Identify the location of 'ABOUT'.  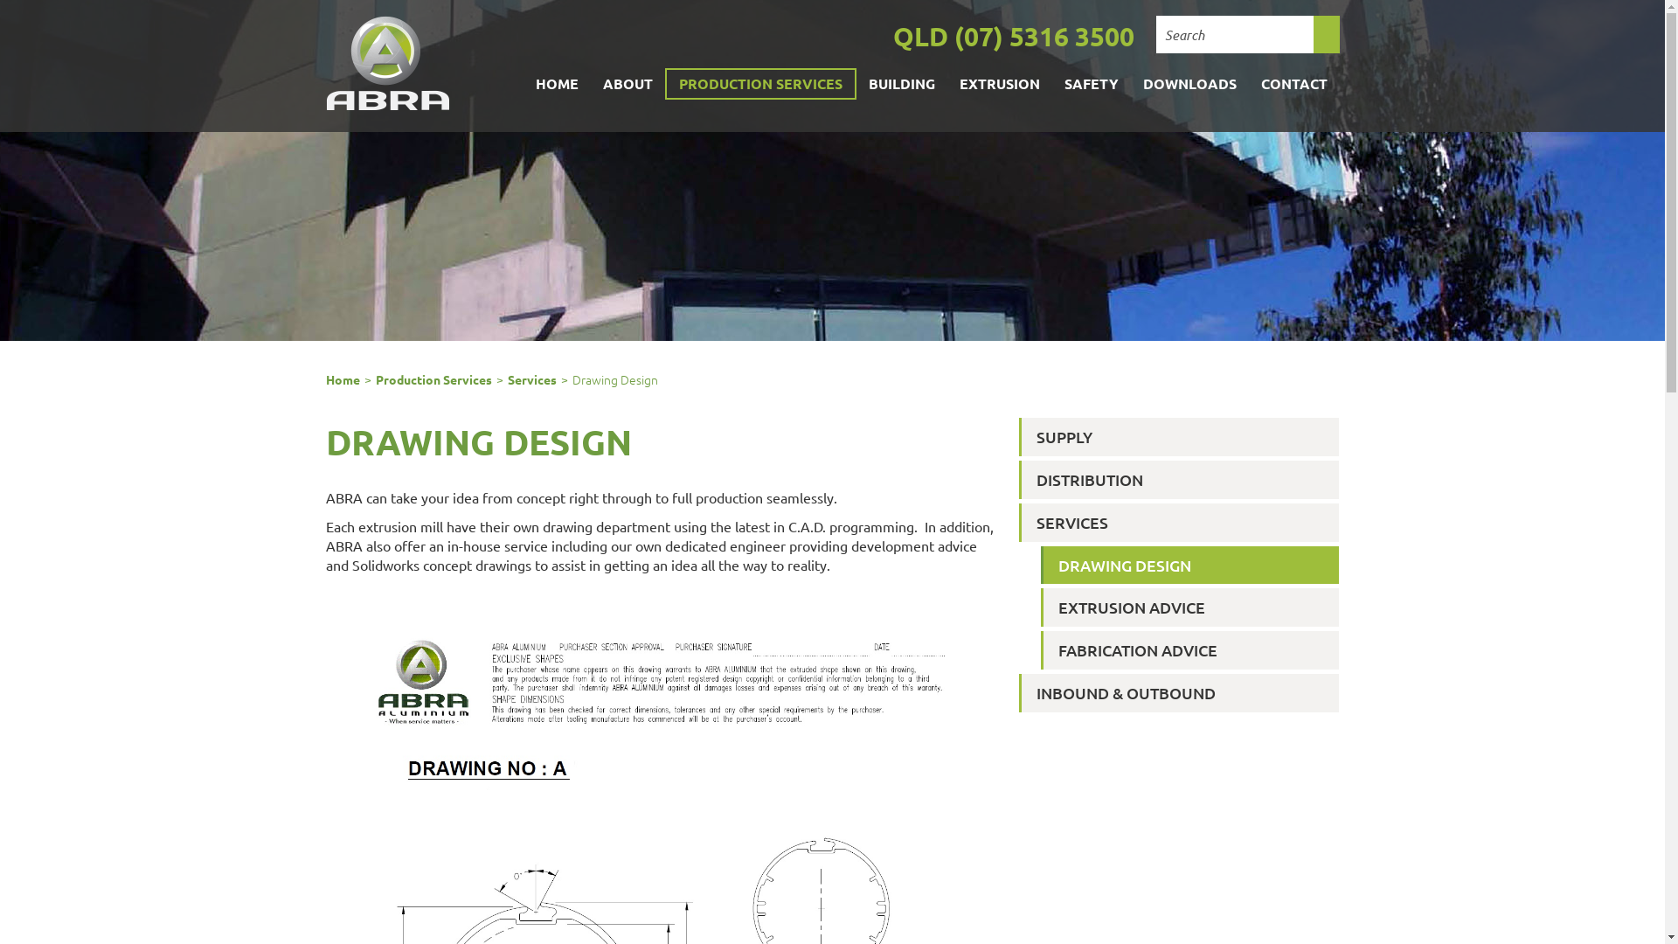
(591, 84).